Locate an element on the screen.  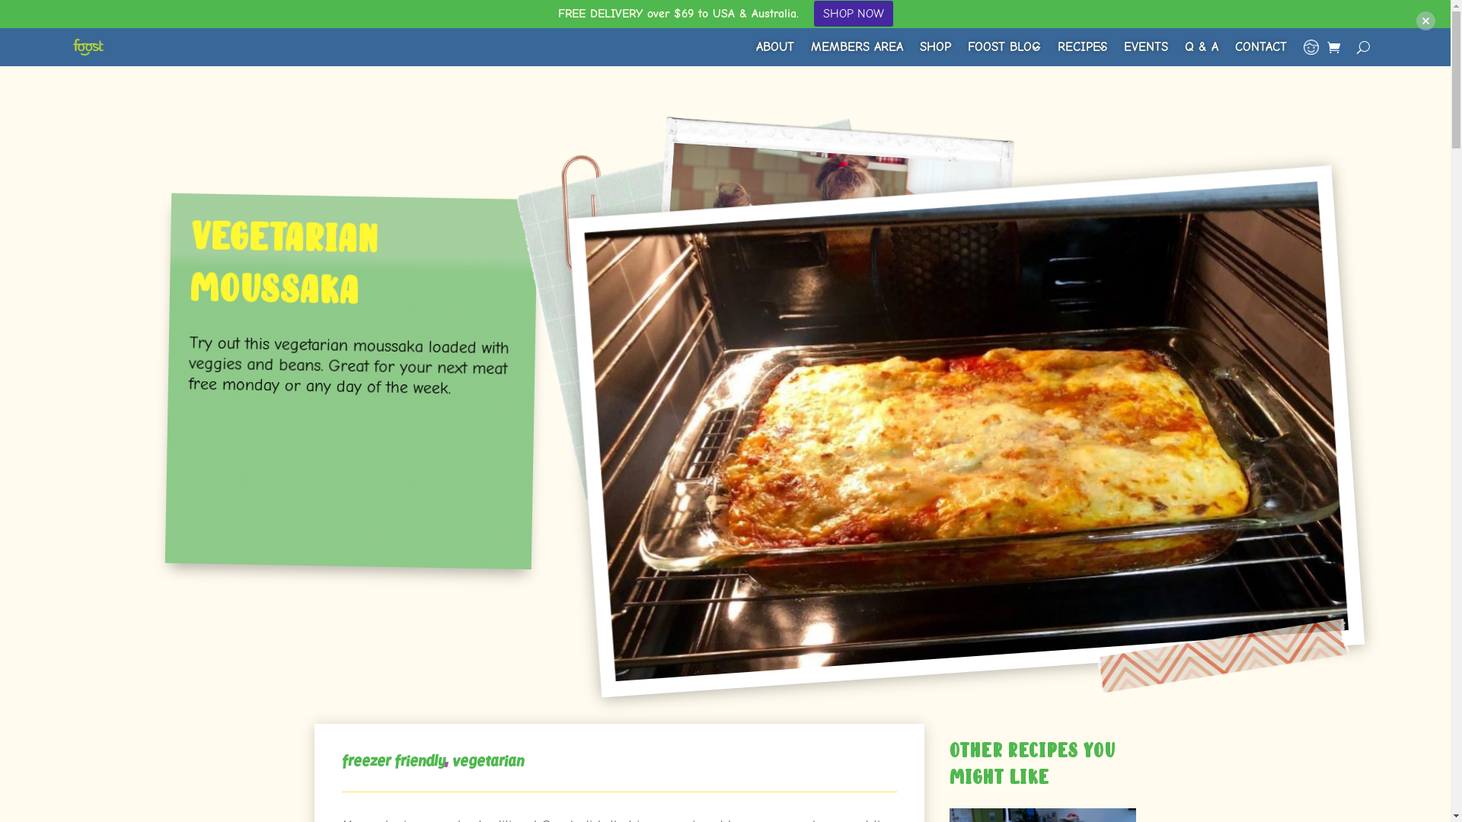
'vegetarian' is located at coordinates (452, 761).